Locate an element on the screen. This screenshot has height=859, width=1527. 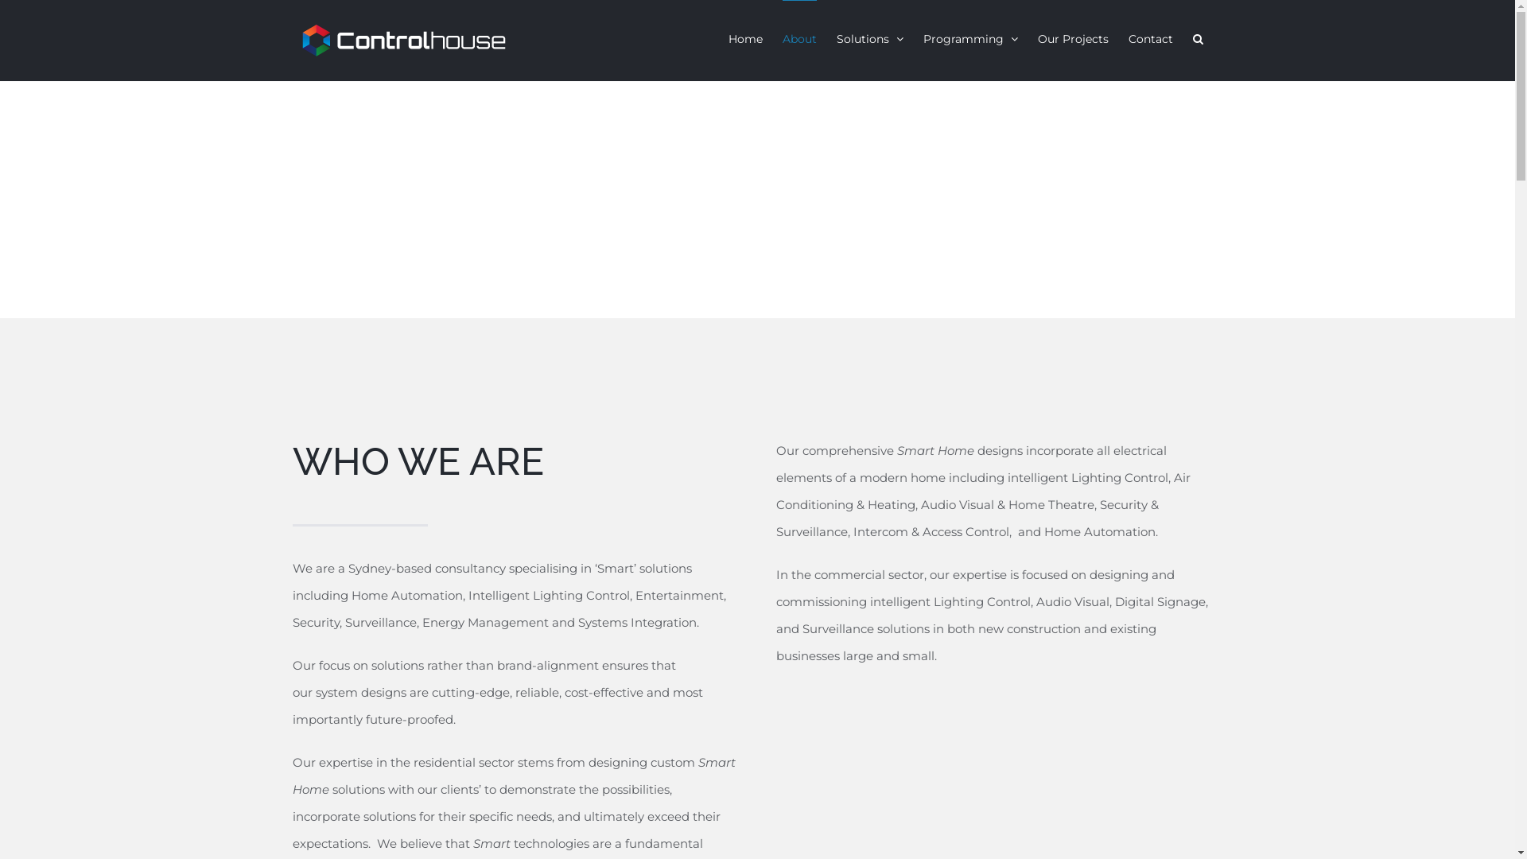
'About' is located at coordinates (799, 37).